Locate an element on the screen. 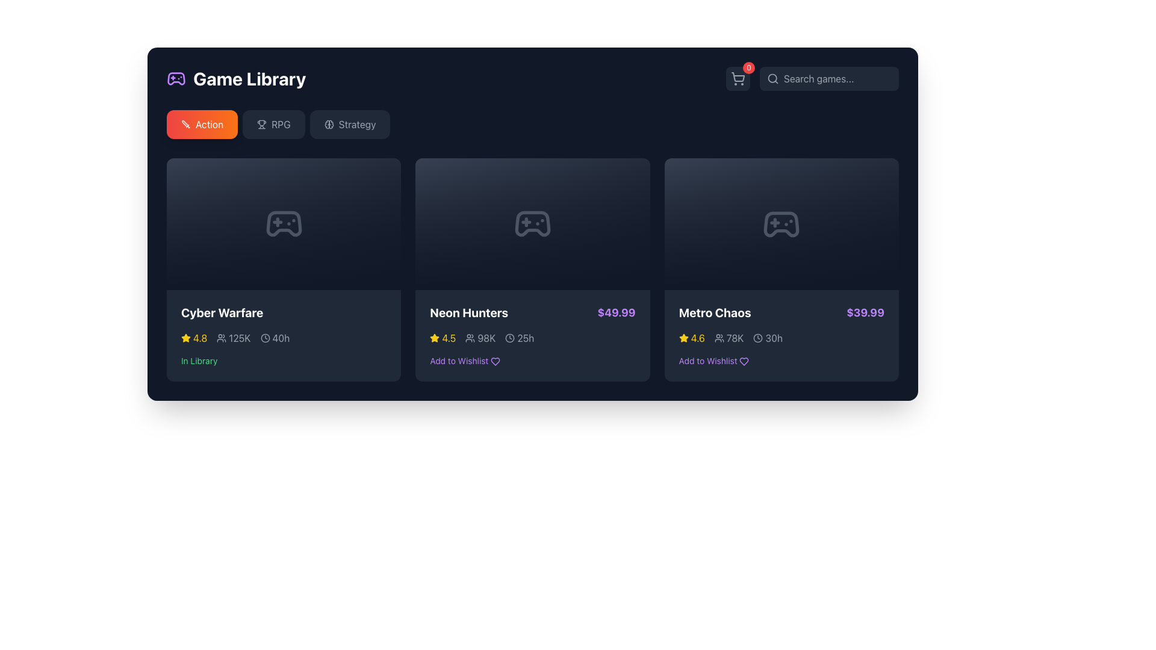 This screenshot has width=1156, height=650. the text label that serves as the title of the game in the first card of the horizontally aligned set of three cards in the game library interface is located at coordinates (222, 312).